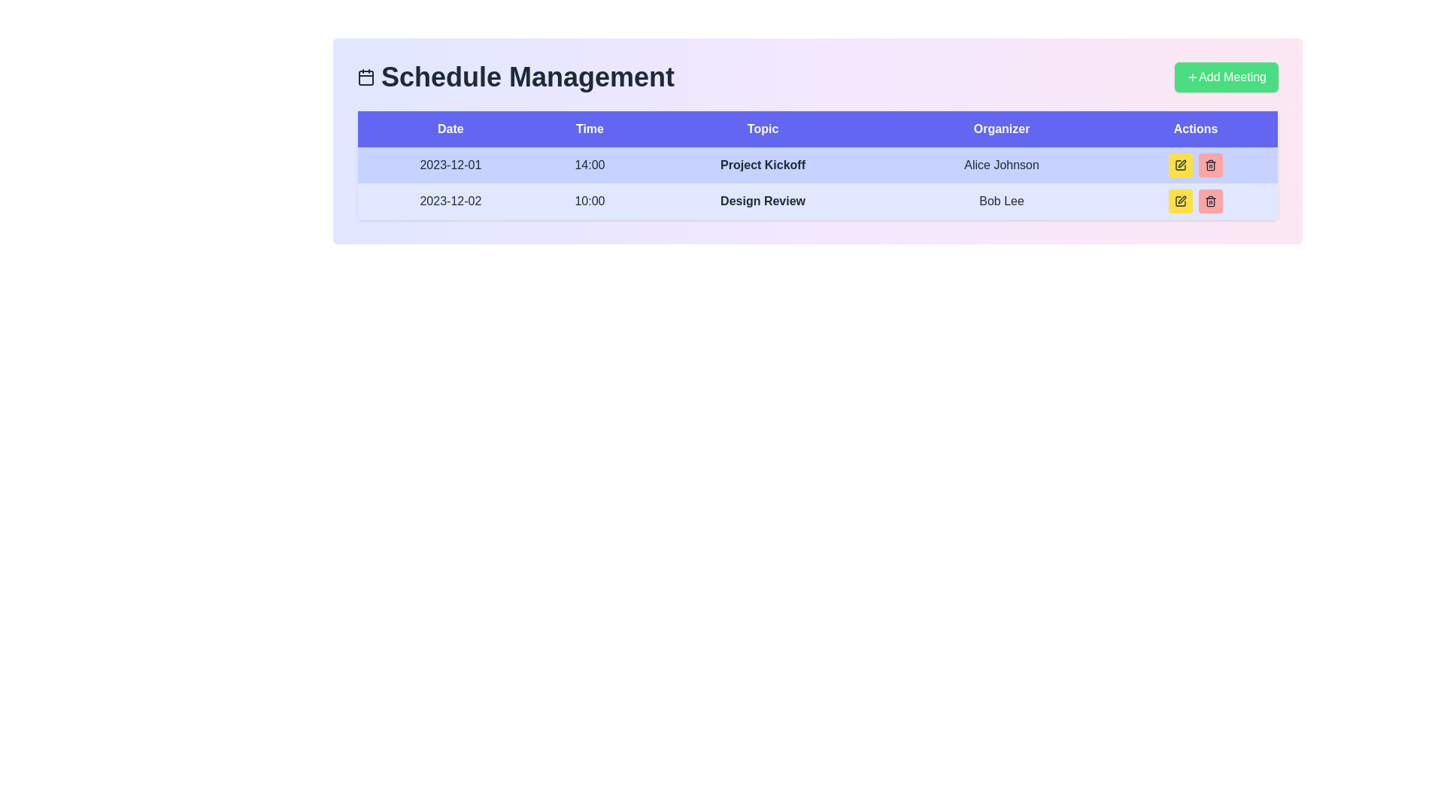 Image resolution: width=1444 pixels, height=812 pixels. I want to click on the small square-shaped pen icon button with a yellow background and black border located in the 'Actions' column of the second row, so click(1179, 165).